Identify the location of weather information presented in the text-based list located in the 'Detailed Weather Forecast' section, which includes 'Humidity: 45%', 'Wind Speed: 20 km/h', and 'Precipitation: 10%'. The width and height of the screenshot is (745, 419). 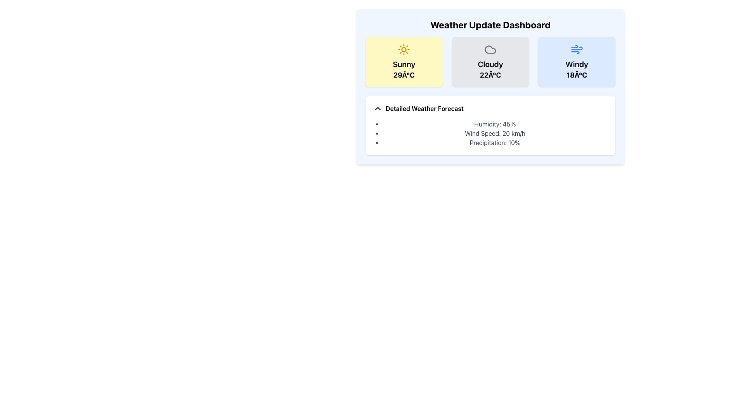
(490, 133).